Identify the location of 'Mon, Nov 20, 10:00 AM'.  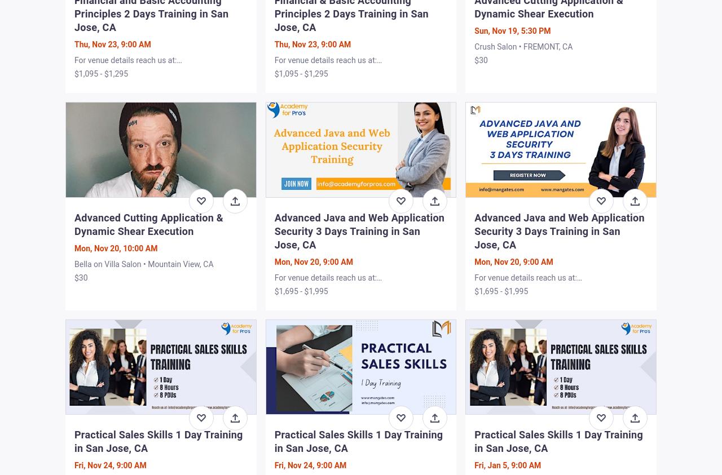
(73, 247).